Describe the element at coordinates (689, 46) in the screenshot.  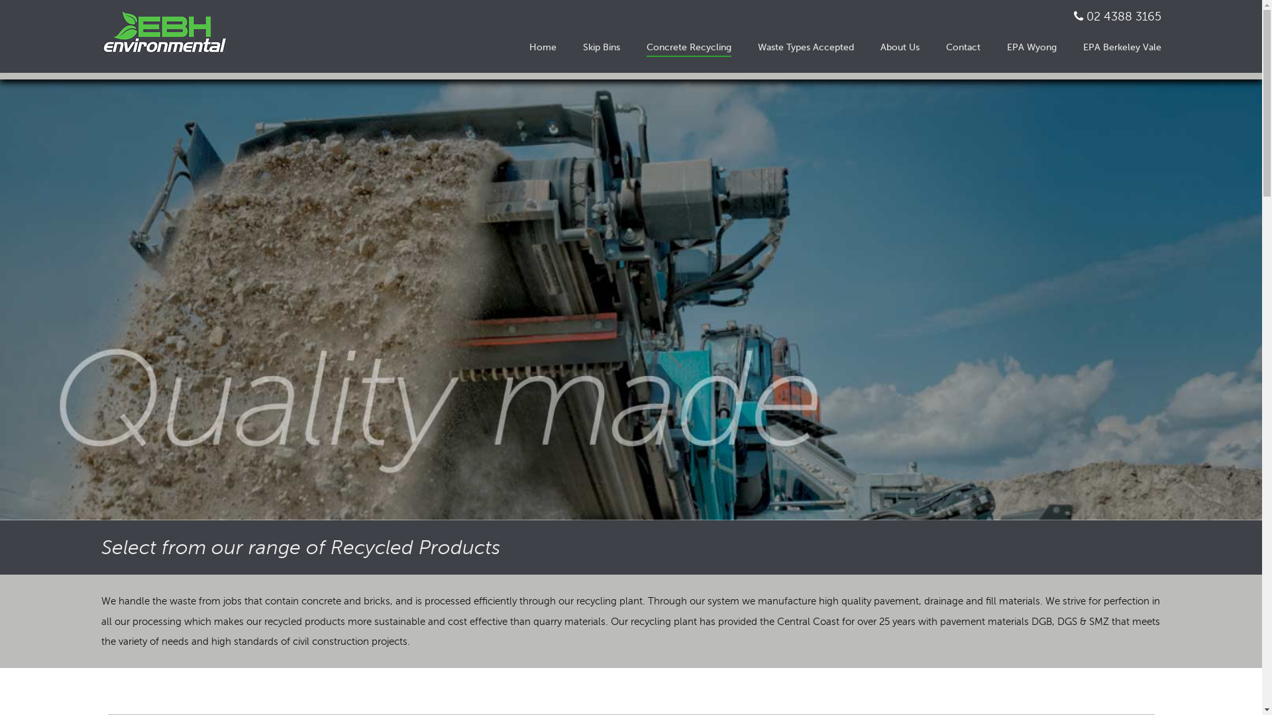
I see `'Concrete Recycling'` at that location.